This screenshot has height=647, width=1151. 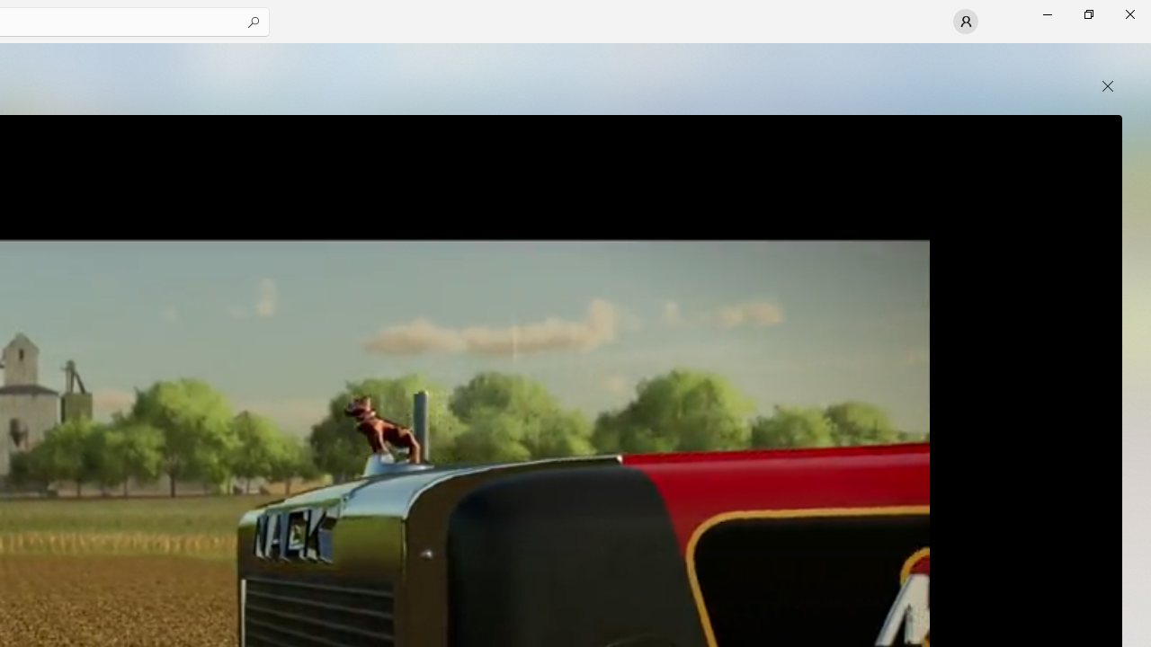 What do you see at coordinates (1129, 13) in the screenshot?
I see `'Close Microsoft Store'` at bounding box center [1129, 13].